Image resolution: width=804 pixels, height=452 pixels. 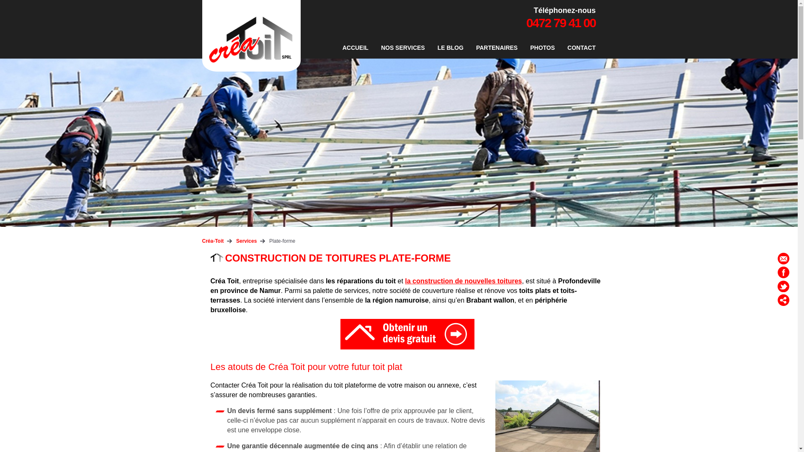 I want to click on 'PHOTOS', so click(x=526, y=48).